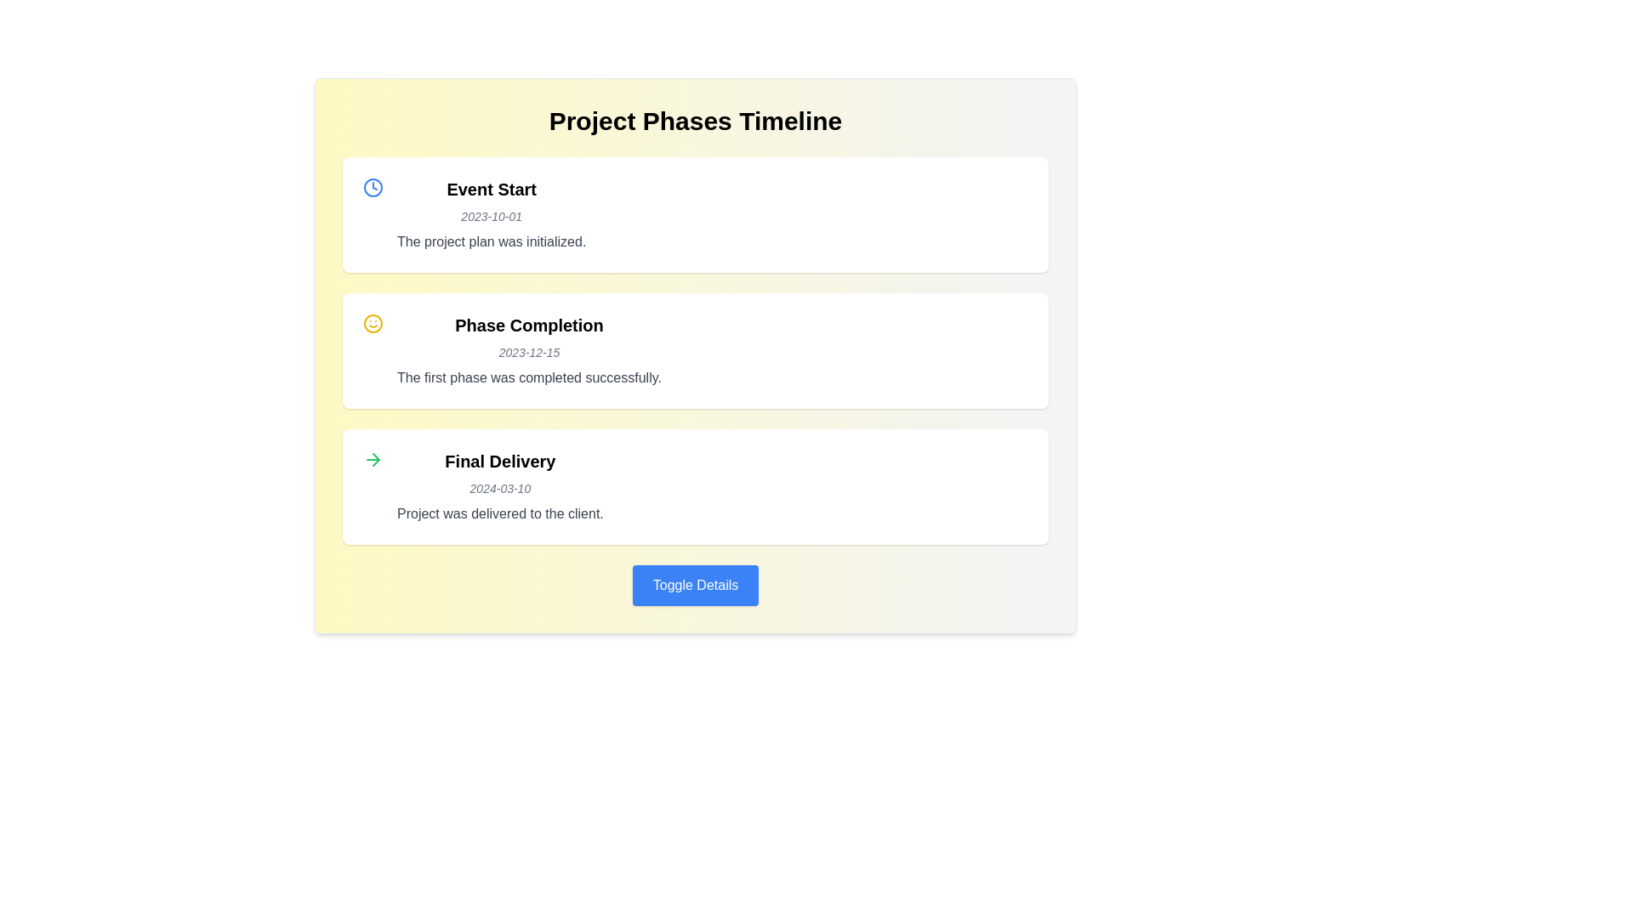 Image resolution: width=1633 pixels, height=918 pixels. What do you see at coordinates (375, 459) in the screenshot?
I see `the rightward-pointing green arrow icon in the 'Final Delivery' section of the timeline interface` at bounding box center [375, 459].